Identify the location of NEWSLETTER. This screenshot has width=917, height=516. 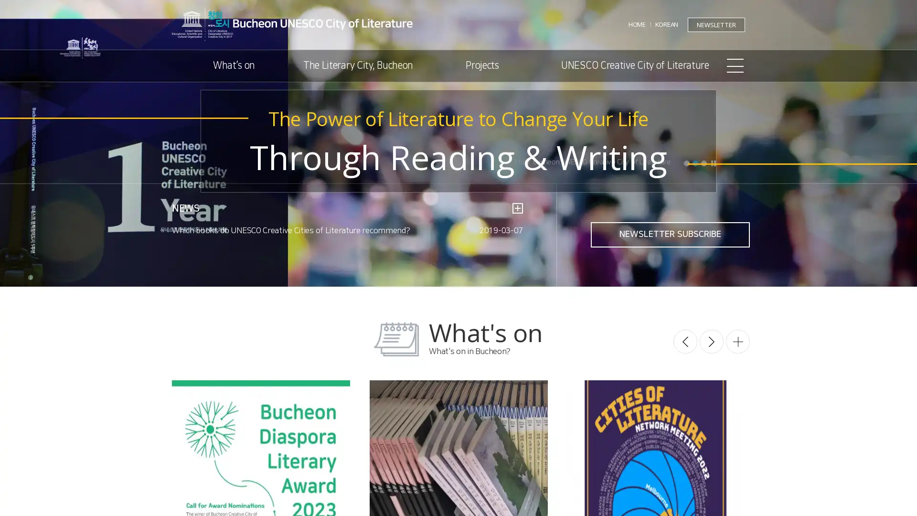
(716, 24).